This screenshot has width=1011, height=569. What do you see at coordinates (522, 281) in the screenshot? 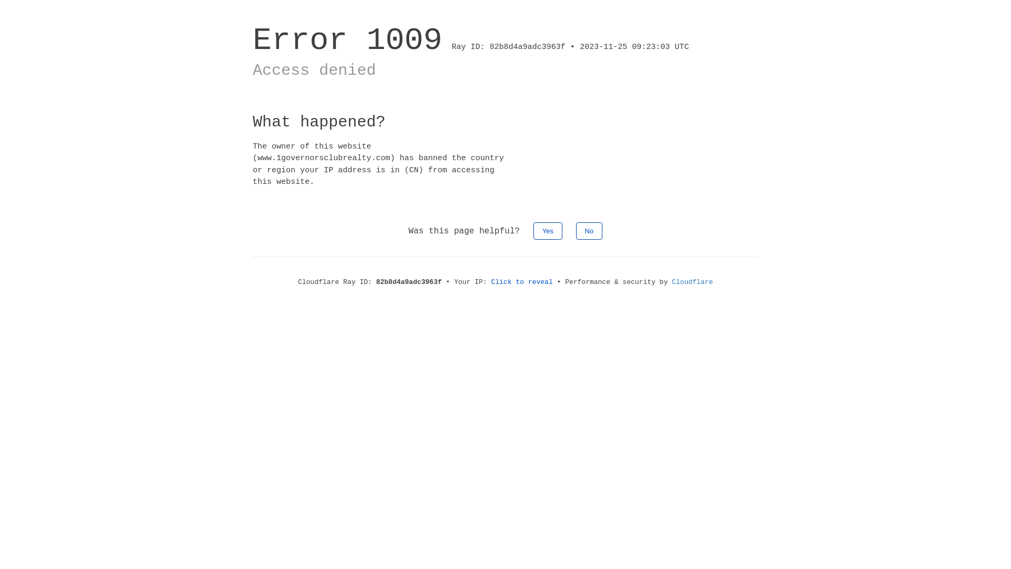
I see `'Click to reveal'` at bounding box center [522, 281].